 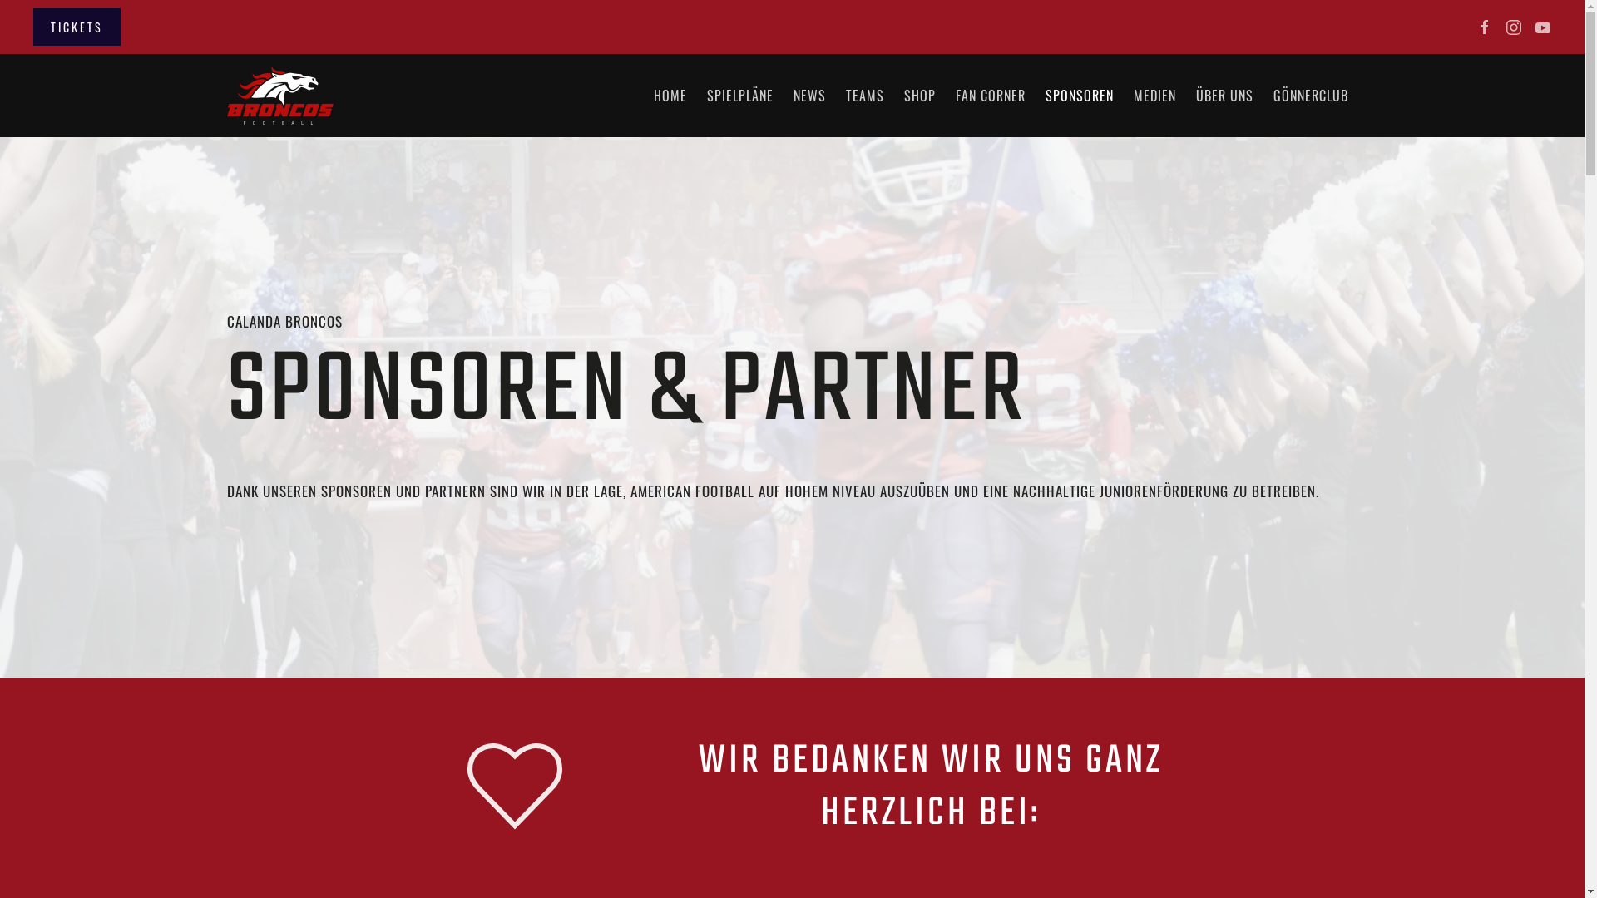 I want to click on 'SHOP', so click(x=917, y=96).